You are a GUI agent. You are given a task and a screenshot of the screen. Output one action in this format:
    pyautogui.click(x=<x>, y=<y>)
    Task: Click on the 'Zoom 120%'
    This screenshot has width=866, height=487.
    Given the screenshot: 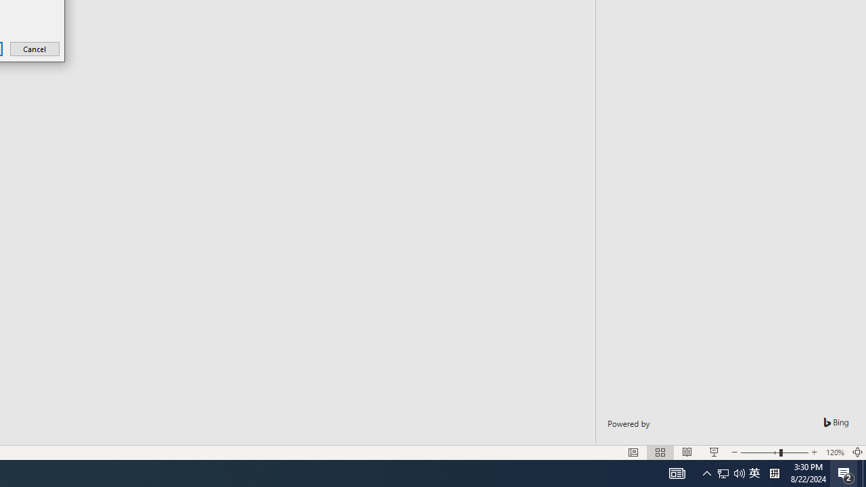 What is the action you would take?
    pyautogui.click(x=834, y=453)
    